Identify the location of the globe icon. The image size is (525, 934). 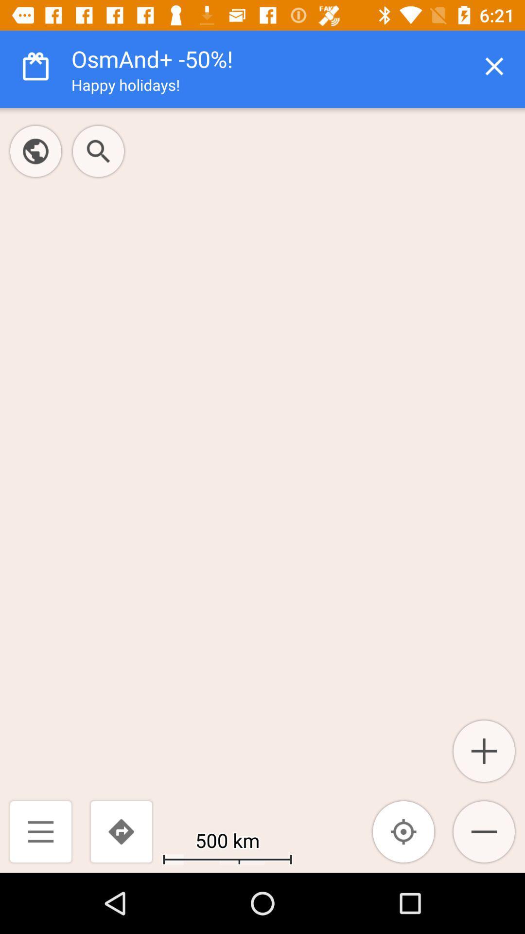
(35, 151).